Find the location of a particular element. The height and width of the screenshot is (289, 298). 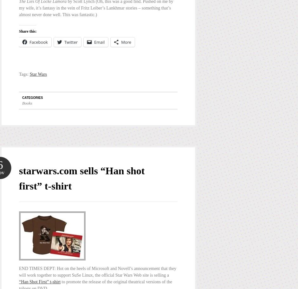

'More' is located at coordinates (126, 42).